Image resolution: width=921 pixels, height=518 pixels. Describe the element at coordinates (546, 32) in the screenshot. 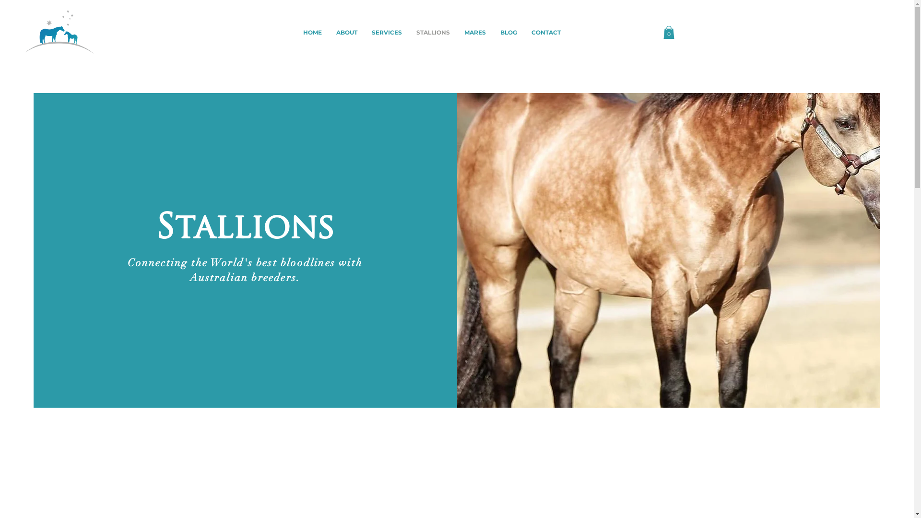

I see `'CONTACT'` at that location.